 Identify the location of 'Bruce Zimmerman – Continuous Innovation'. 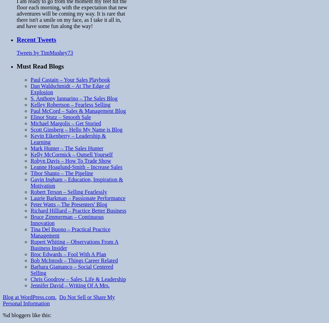
(67, 219).